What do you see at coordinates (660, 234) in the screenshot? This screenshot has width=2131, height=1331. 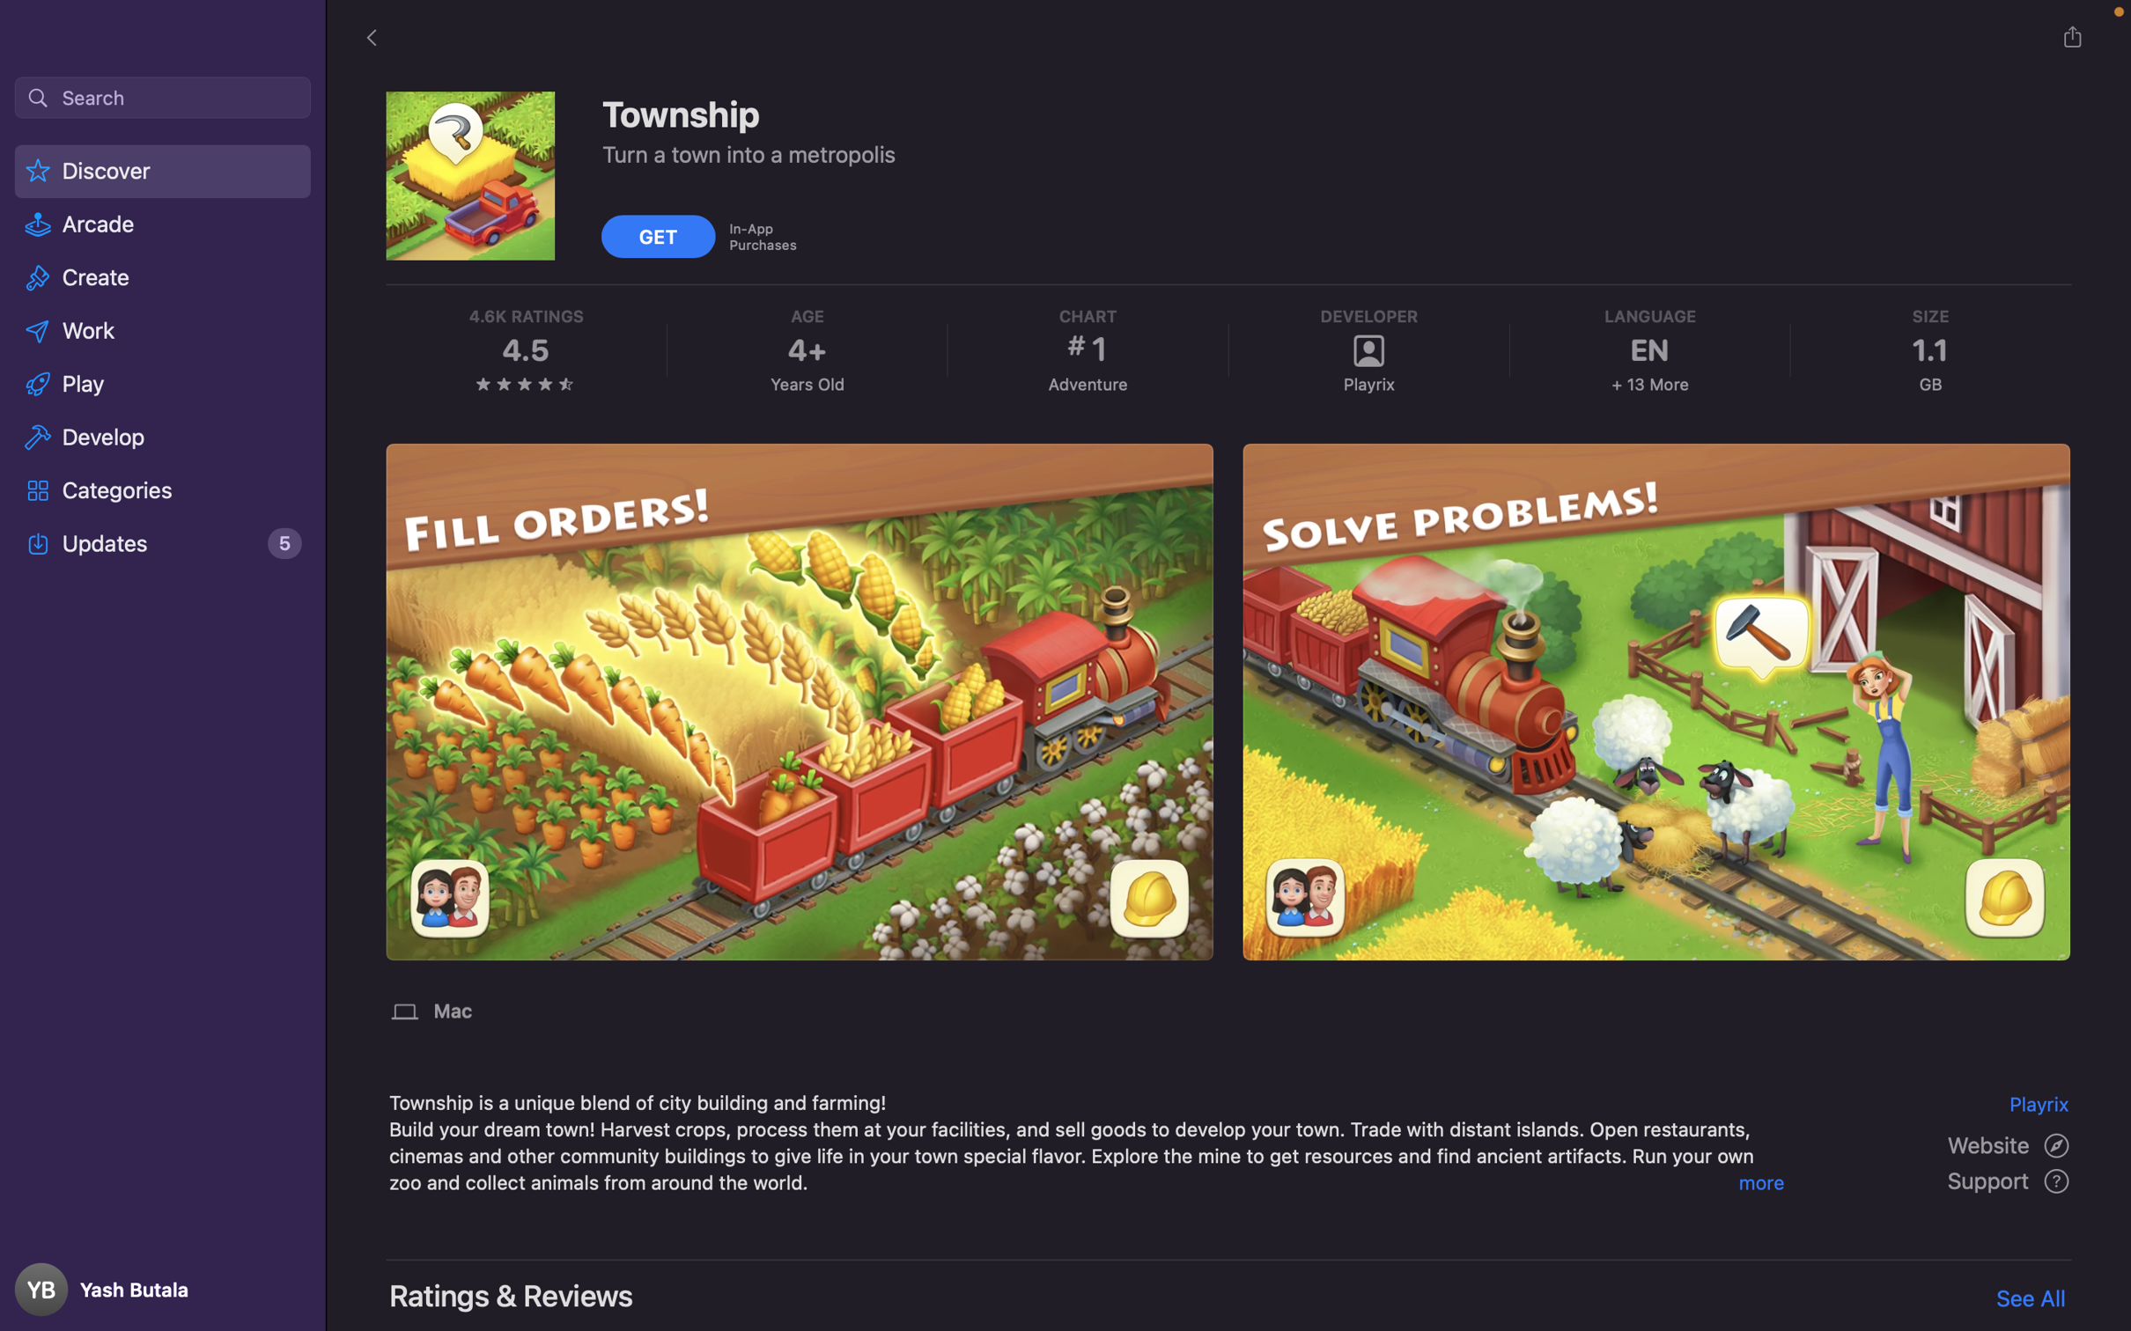 I see `Hit the button marked "get", after that pick "In-App Purchases" to examine the possible in-app purchases` at bounding box center [660, 234].